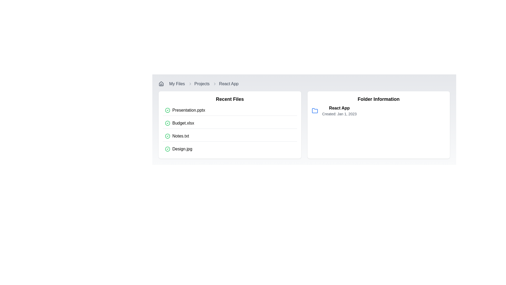 This screenshot has height=285, width=506. I want to click on the list item labeled 'Notes.txt', so click(230, 136).